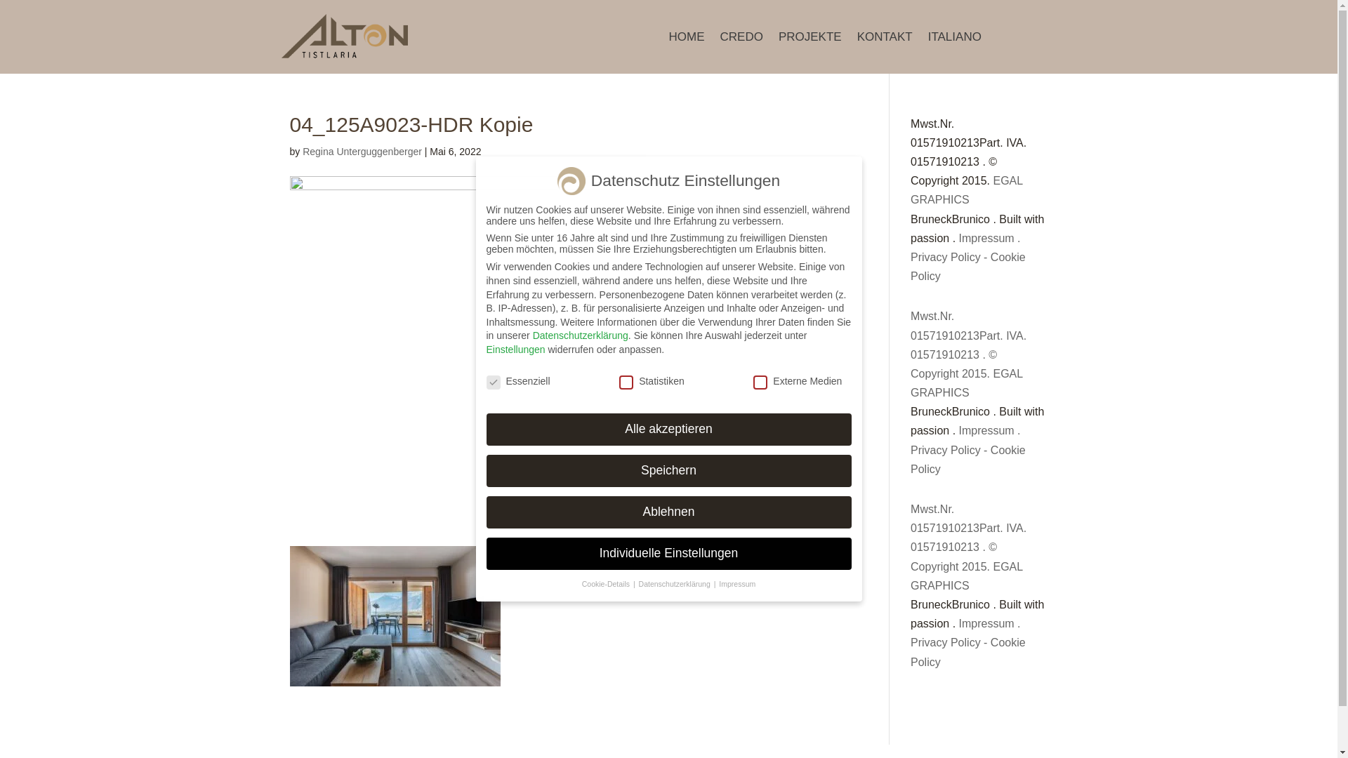  I want to click on 'Impressum', so click(986, 237).